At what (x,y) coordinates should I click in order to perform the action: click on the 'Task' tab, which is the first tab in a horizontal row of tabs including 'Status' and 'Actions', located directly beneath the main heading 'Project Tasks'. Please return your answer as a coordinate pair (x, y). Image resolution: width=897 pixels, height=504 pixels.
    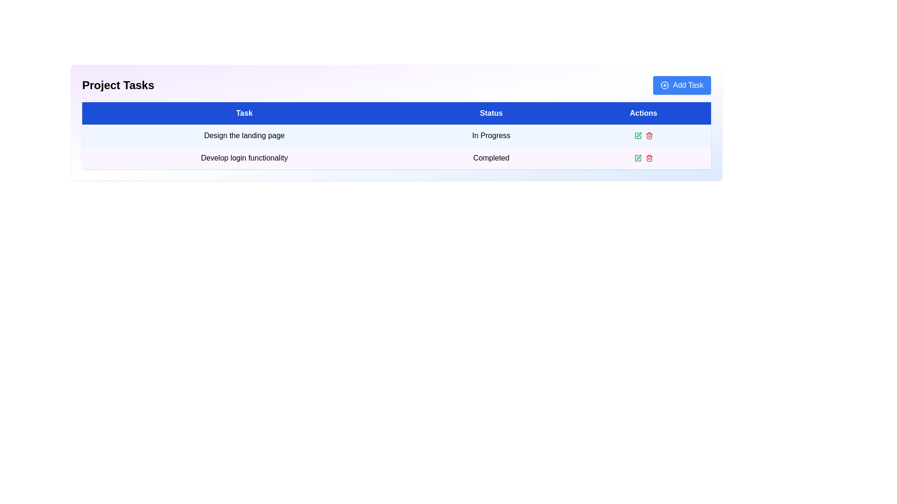
    Looking at the image, I should click on (244, 113).